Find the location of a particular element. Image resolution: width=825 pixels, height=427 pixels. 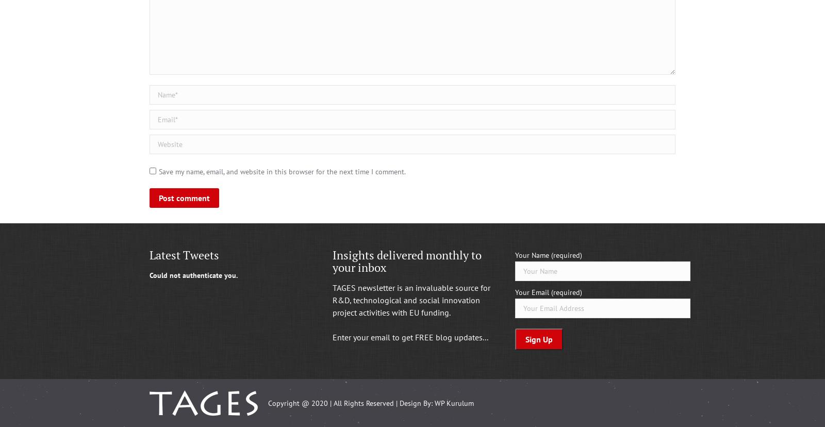

'Insights delivered monthly to your inbox' is located at coordinates (406, 261).